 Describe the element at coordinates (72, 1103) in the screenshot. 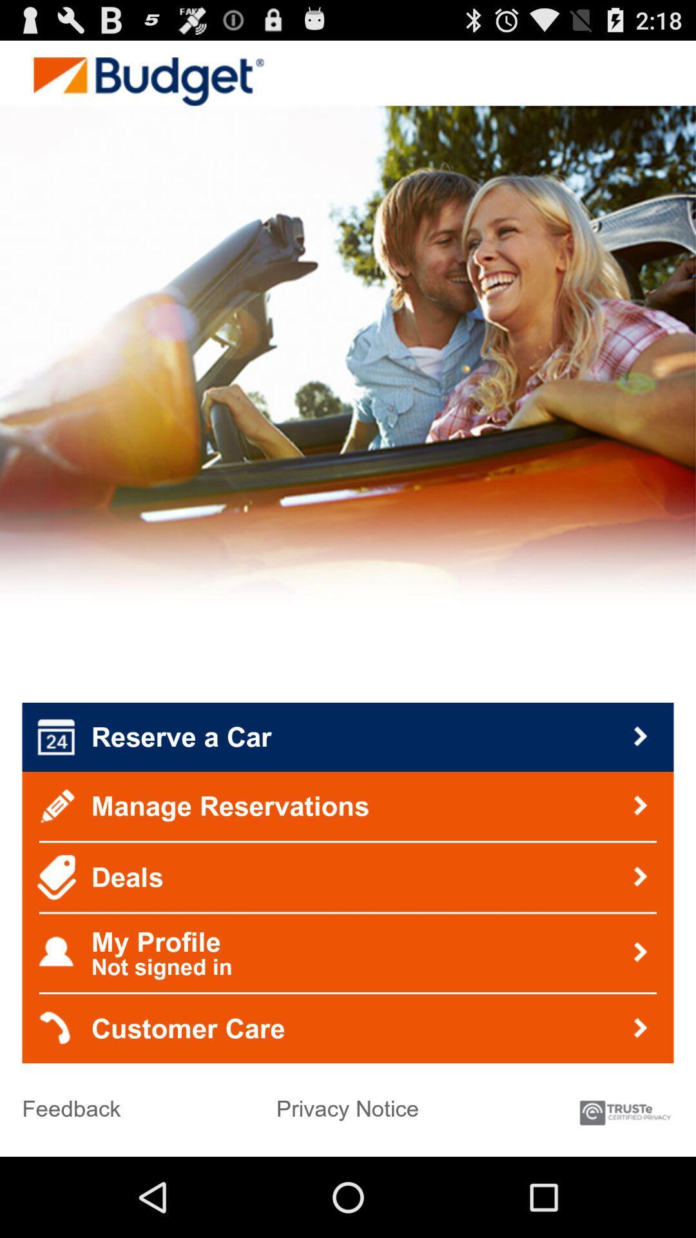

I see `feedback` at that location.